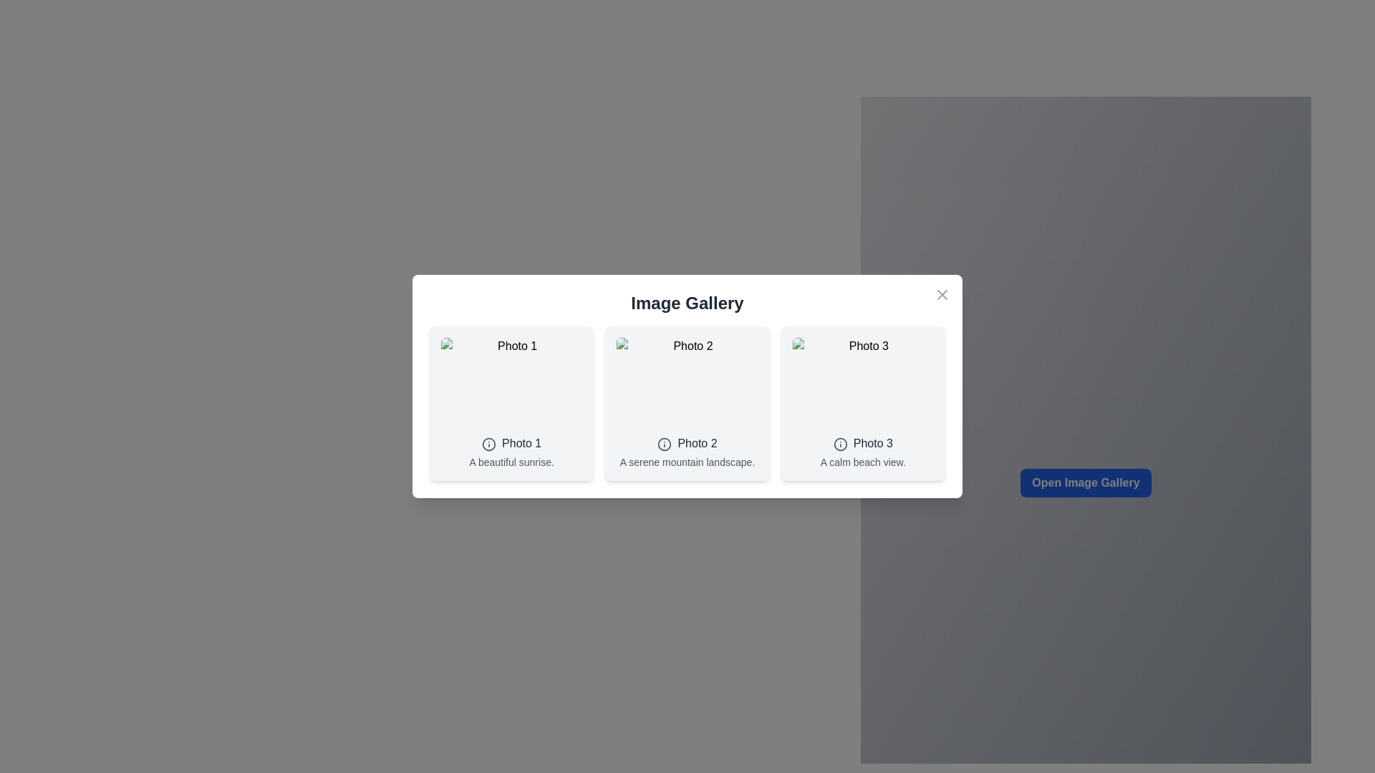 This screenshot has height=773, width=1375. Describe the element at coordinates (664, 443) in the screenshot. I see `the icon located at the bottom-left corner of the card labeled 'Photo 2' in the image gallery interface` at that location.